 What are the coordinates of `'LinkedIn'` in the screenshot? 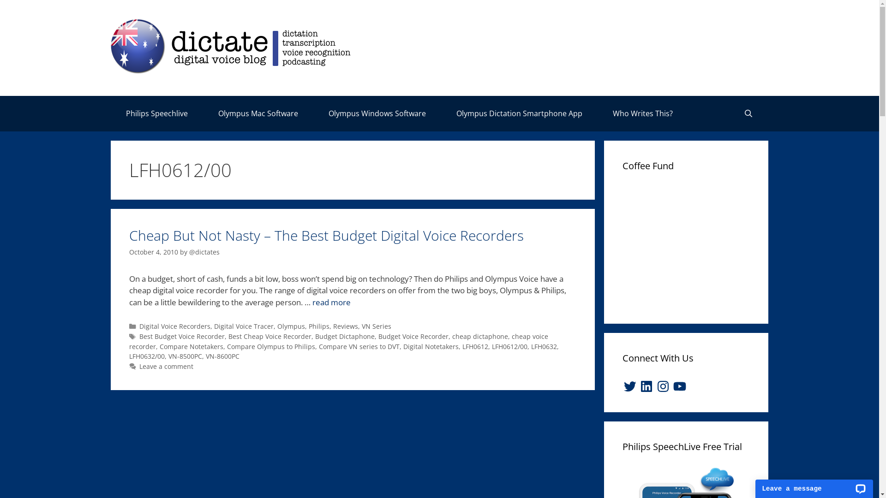 It's located at (646, 386).